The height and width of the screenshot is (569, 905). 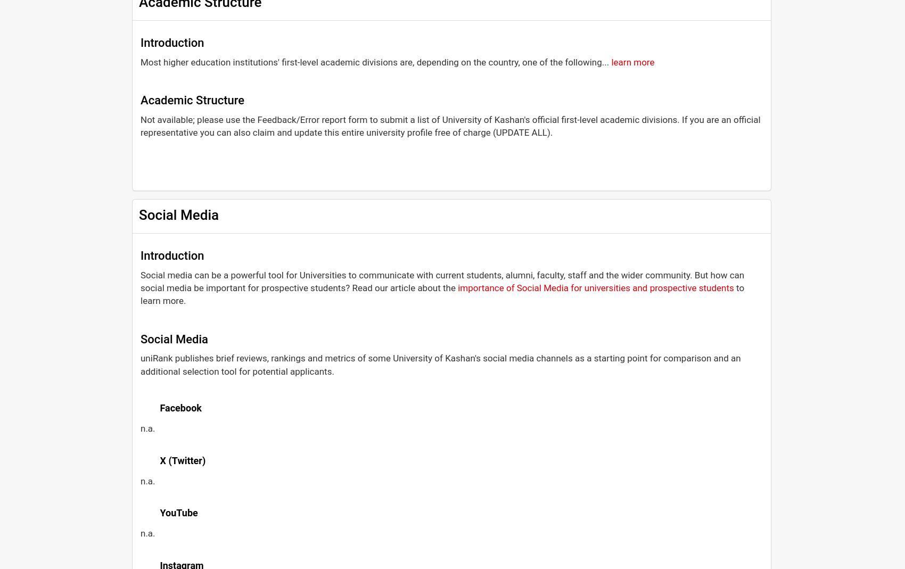 What do you see at coordinates (632, 61) in the screenshot?
I see `'learn more'` at bounding box center [632, 61].